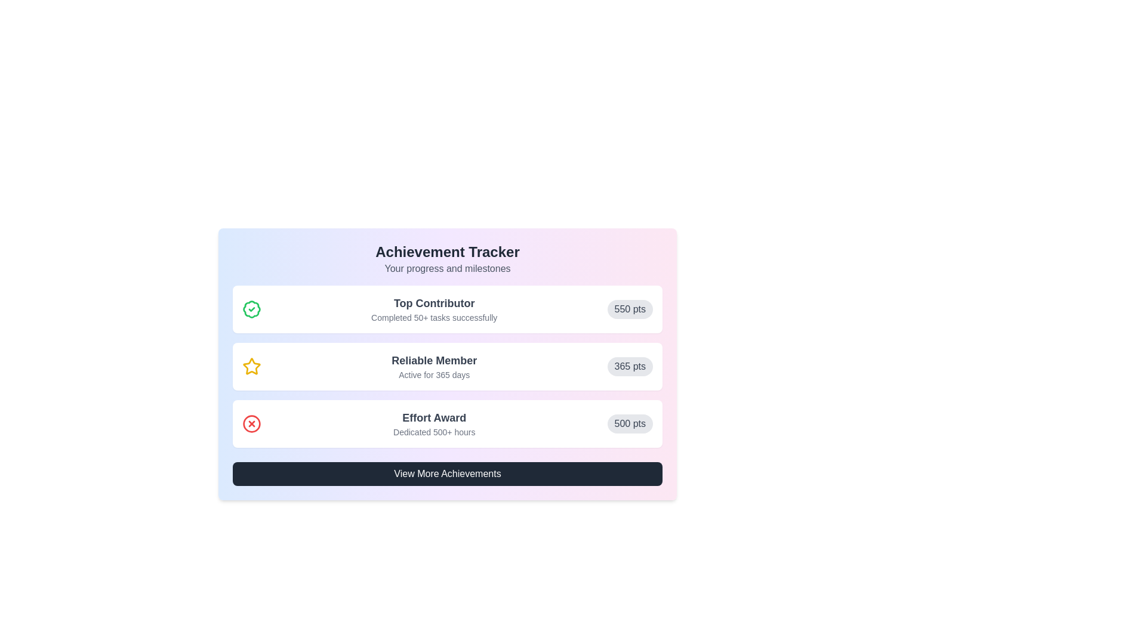 This screenshot has height=644, width=1146. What do you see at coordinates (433, 417) in the screenshot?
I see `the 'Effort Award' text label, which is bold, dark gray, and positioned above the description 'Dedicated 500+ hours' within its card` at bounding box center [433, 417].